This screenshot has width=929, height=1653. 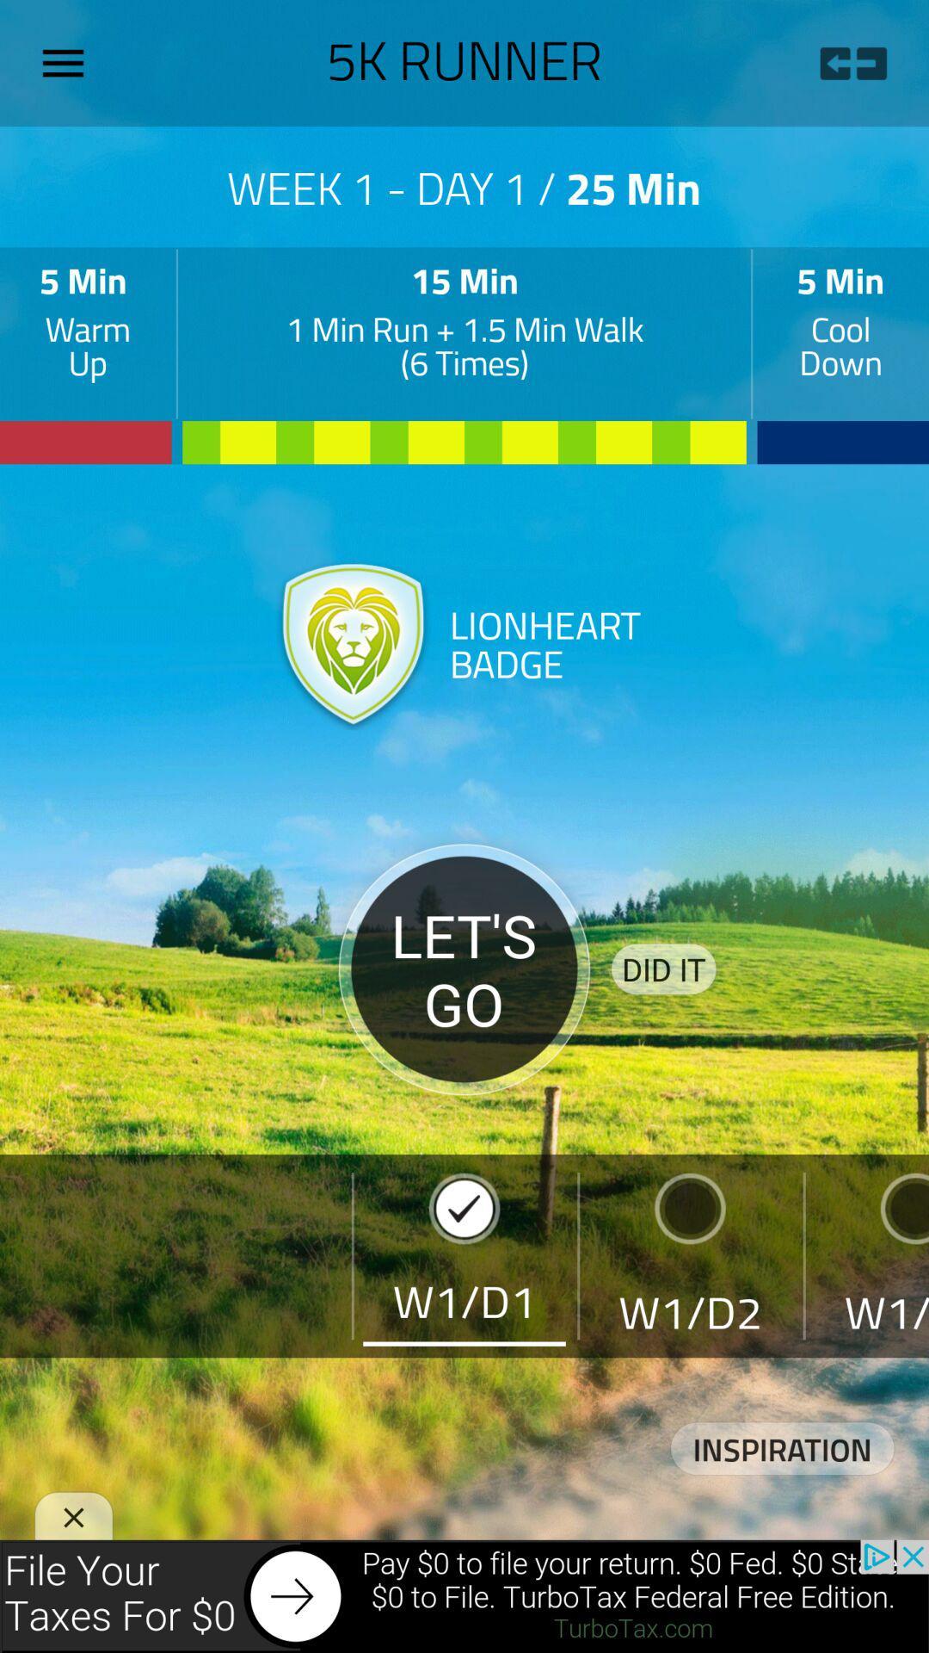 I want to click on open menu, so click(x=69, y=63).